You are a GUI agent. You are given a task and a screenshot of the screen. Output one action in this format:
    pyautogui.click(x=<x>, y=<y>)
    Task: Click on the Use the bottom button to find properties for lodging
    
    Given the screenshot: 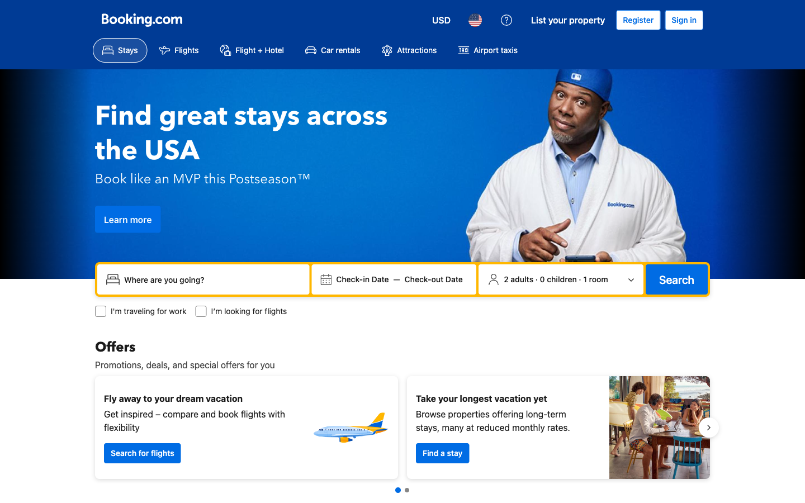 What is the action you would take?
    pyautogui.click(x=442, y=453)
    